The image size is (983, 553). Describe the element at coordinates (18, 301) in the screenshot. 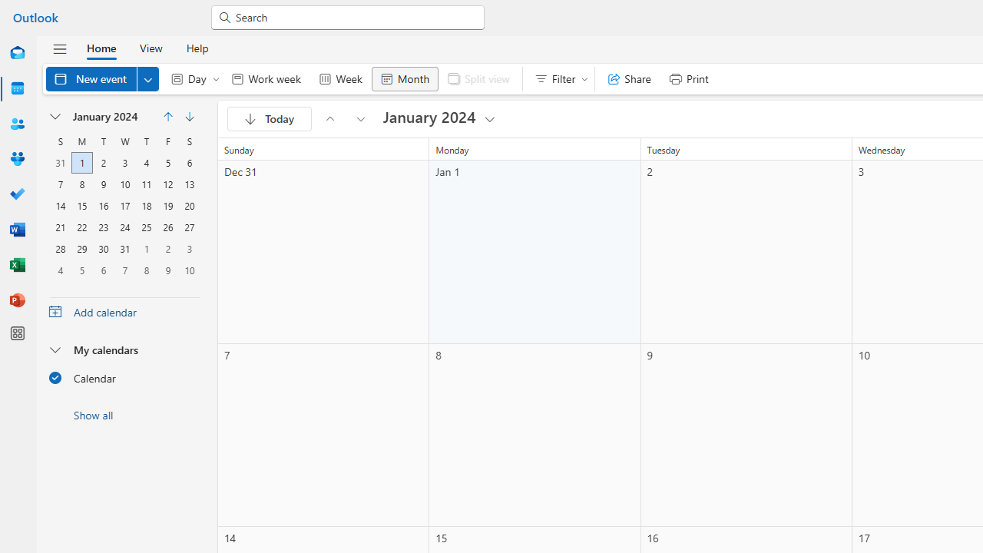

I see `'PowerPoint'` at that location.